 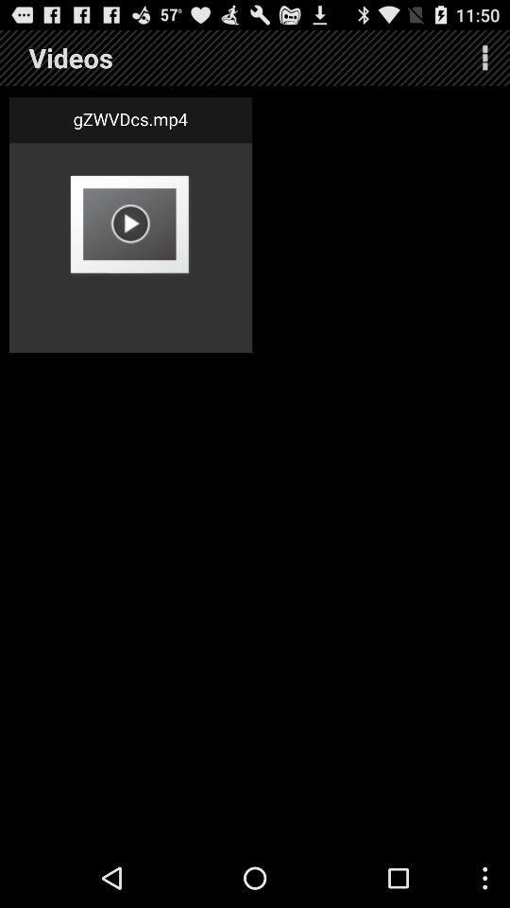 I want to click on the more icon, so click(x=484, y=61).